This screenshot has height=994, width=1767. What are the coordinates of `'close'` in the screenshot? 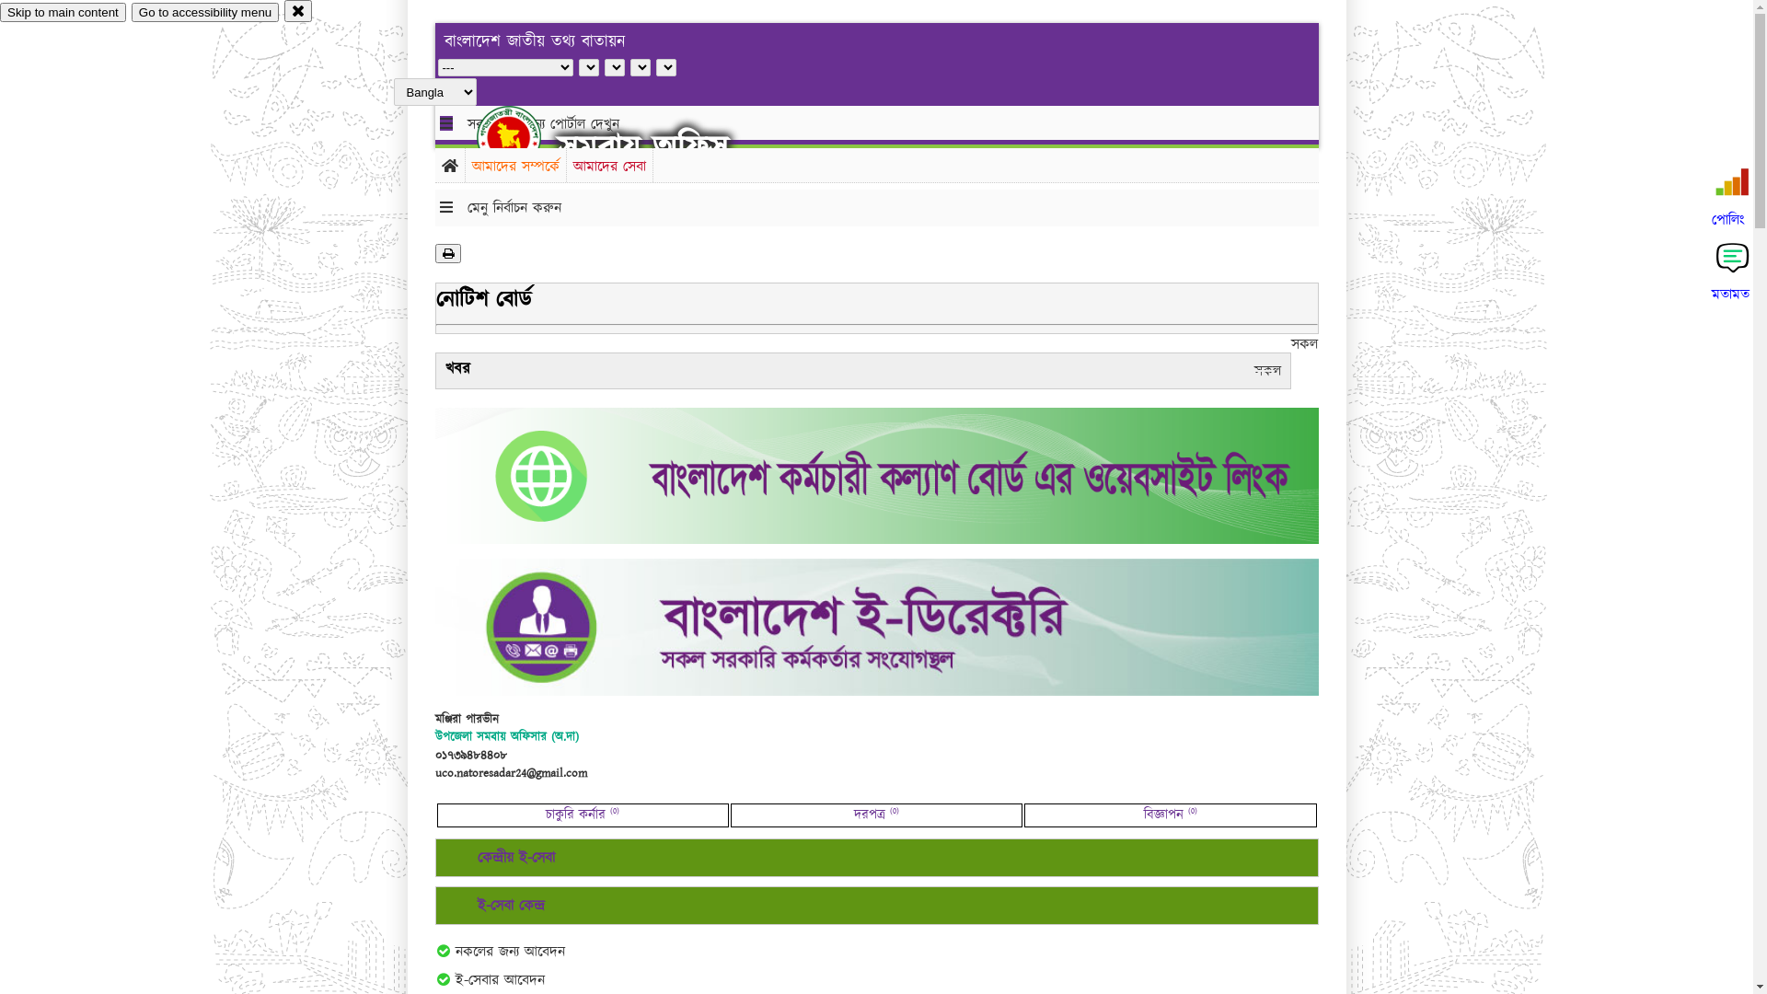 It's located at (298, 10).